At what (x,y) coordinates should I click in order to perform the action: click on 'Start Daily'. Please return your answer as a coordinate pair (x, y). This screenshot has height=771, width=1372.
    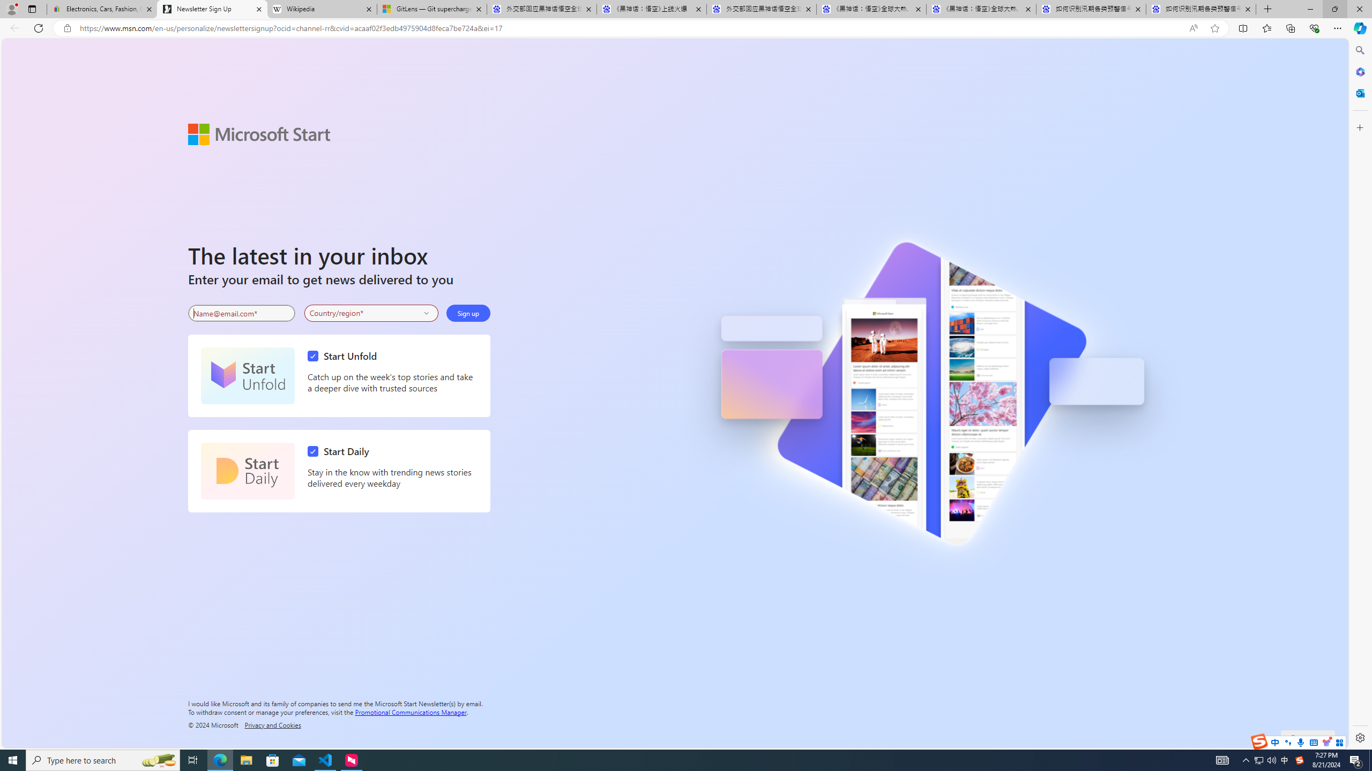
    Looking at the image, I should click on (247, 471).